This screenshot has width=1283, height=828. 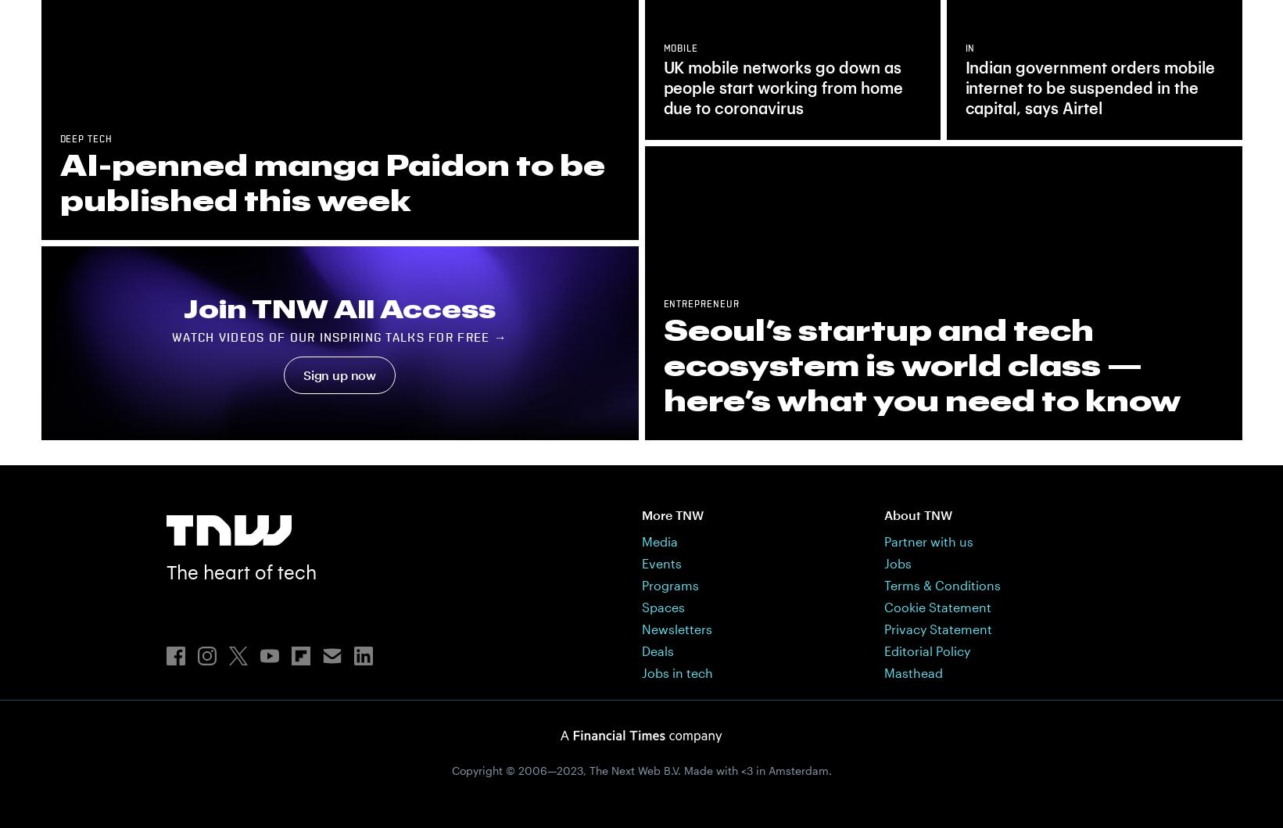 I want to click on 'Cookie Statement', so click(x=937, y=605).